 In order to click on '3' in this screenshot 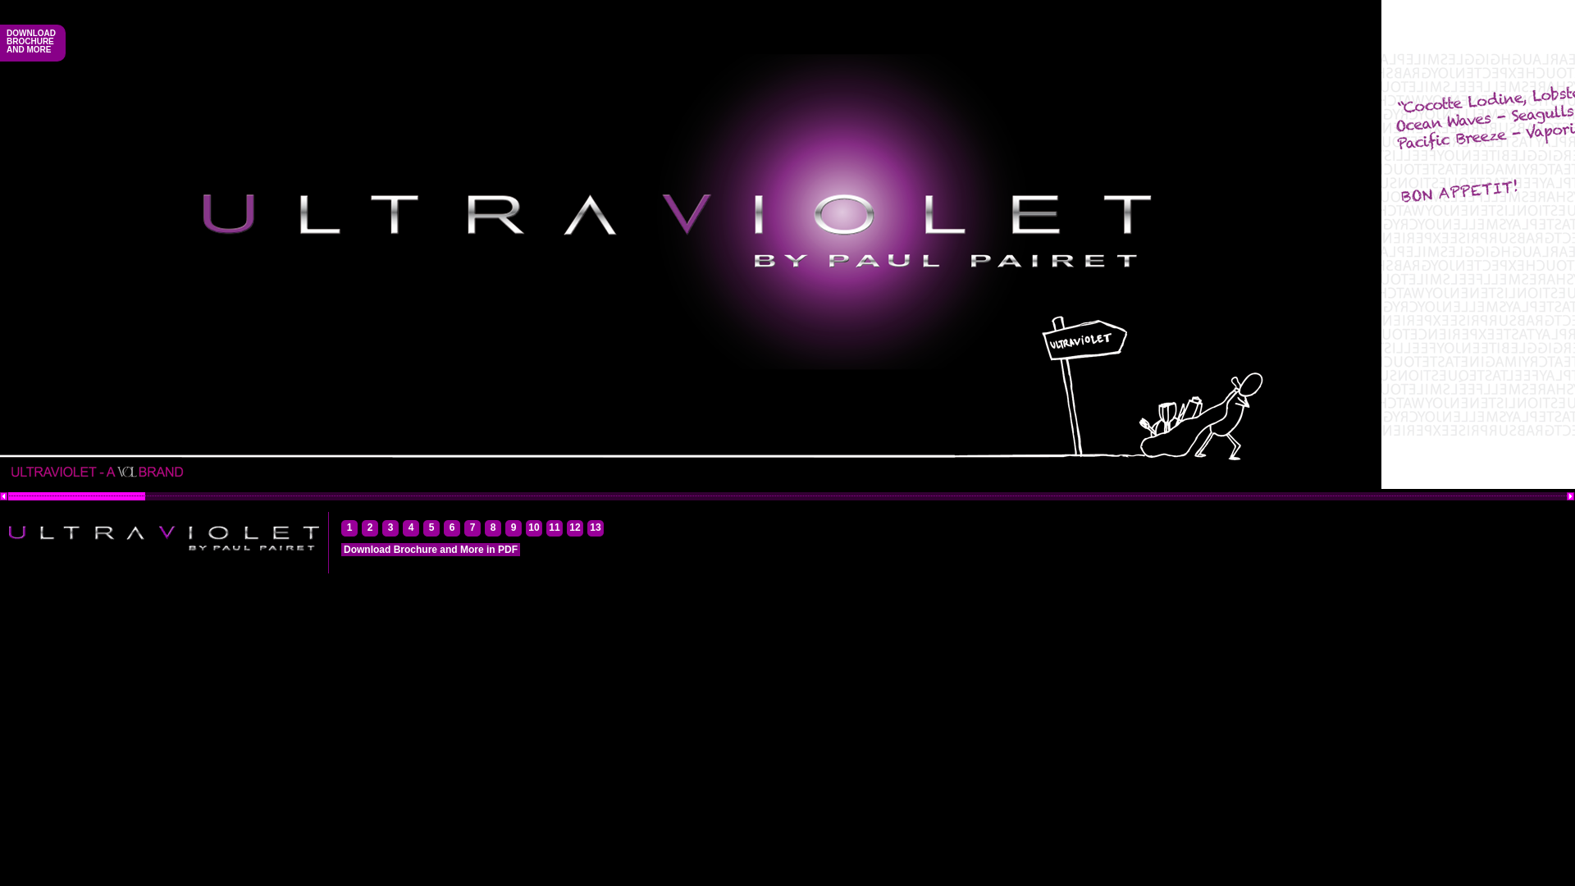, I will do `click(389, 528)`.